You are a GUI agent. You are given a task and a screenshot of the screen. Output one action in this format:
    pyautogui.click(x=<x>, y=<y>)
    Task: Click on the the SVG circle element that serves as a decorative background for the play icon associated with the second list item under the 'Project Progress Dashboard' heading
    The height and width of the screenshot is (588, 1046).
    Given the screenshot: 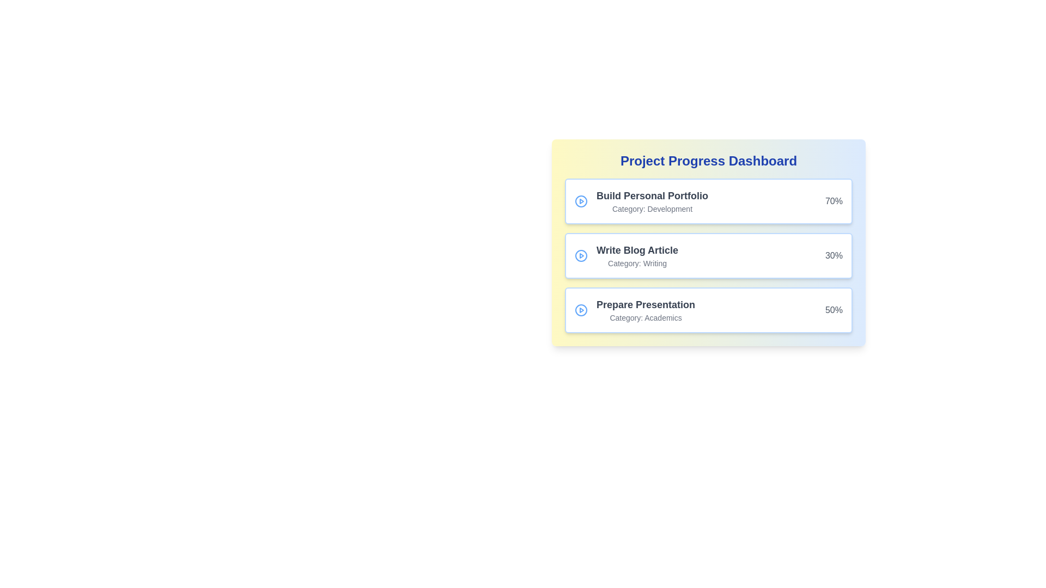 What is the action you would take?
    pyautogui.click(x=580, y=256)
    